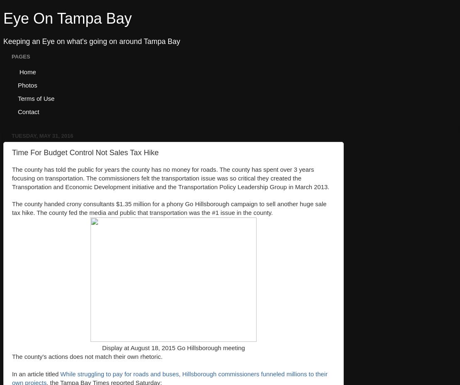 The height and width of the screenshot is (385, 460). Describe the element at coordinates (85, 152) in the screenshot. I see `'Time For Budget Control Not Sales Tax Hike'` at that location.